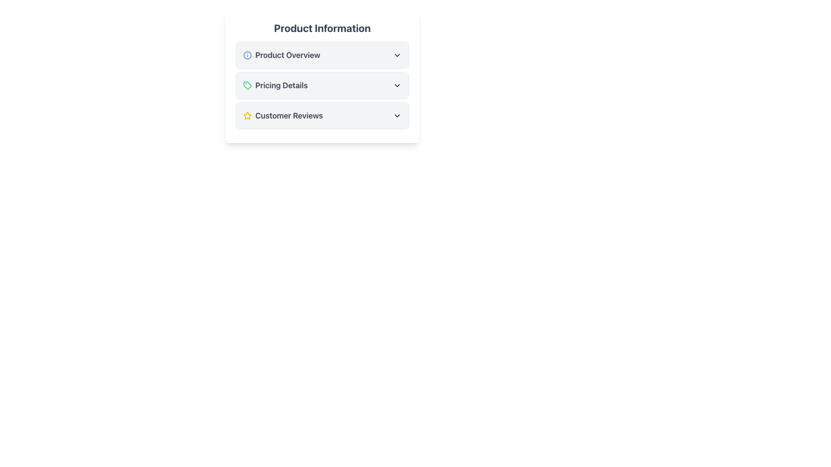  What do you see at coordinates (322, 55) in the screenshot?
I see `the 'Product Overview' Collapsible Section Header for accessibility navigation by clicking on it` at bounding box center [322, 55].